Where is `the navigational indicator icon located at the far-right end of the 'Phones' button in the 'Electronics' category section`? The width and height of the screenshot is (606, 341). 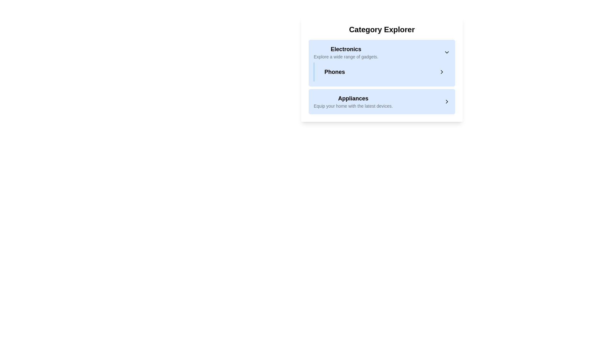
the navigational indicator icon located at the far-right end of the 'Phones' button in the 'Electronics' category section is located at coordinates (442, 71).